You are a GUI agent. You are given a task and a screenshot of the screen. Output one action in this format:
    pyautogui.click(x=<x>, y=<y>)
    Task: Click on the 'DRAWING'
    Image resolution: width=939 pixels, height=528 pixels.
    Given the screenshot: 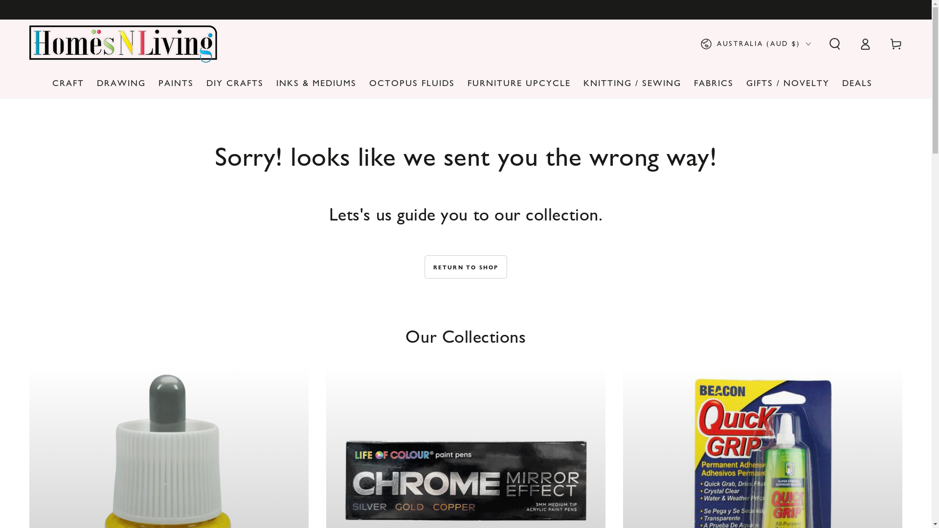 What is the action you would take?
    pyautogui.click(x=121, y=83)
    